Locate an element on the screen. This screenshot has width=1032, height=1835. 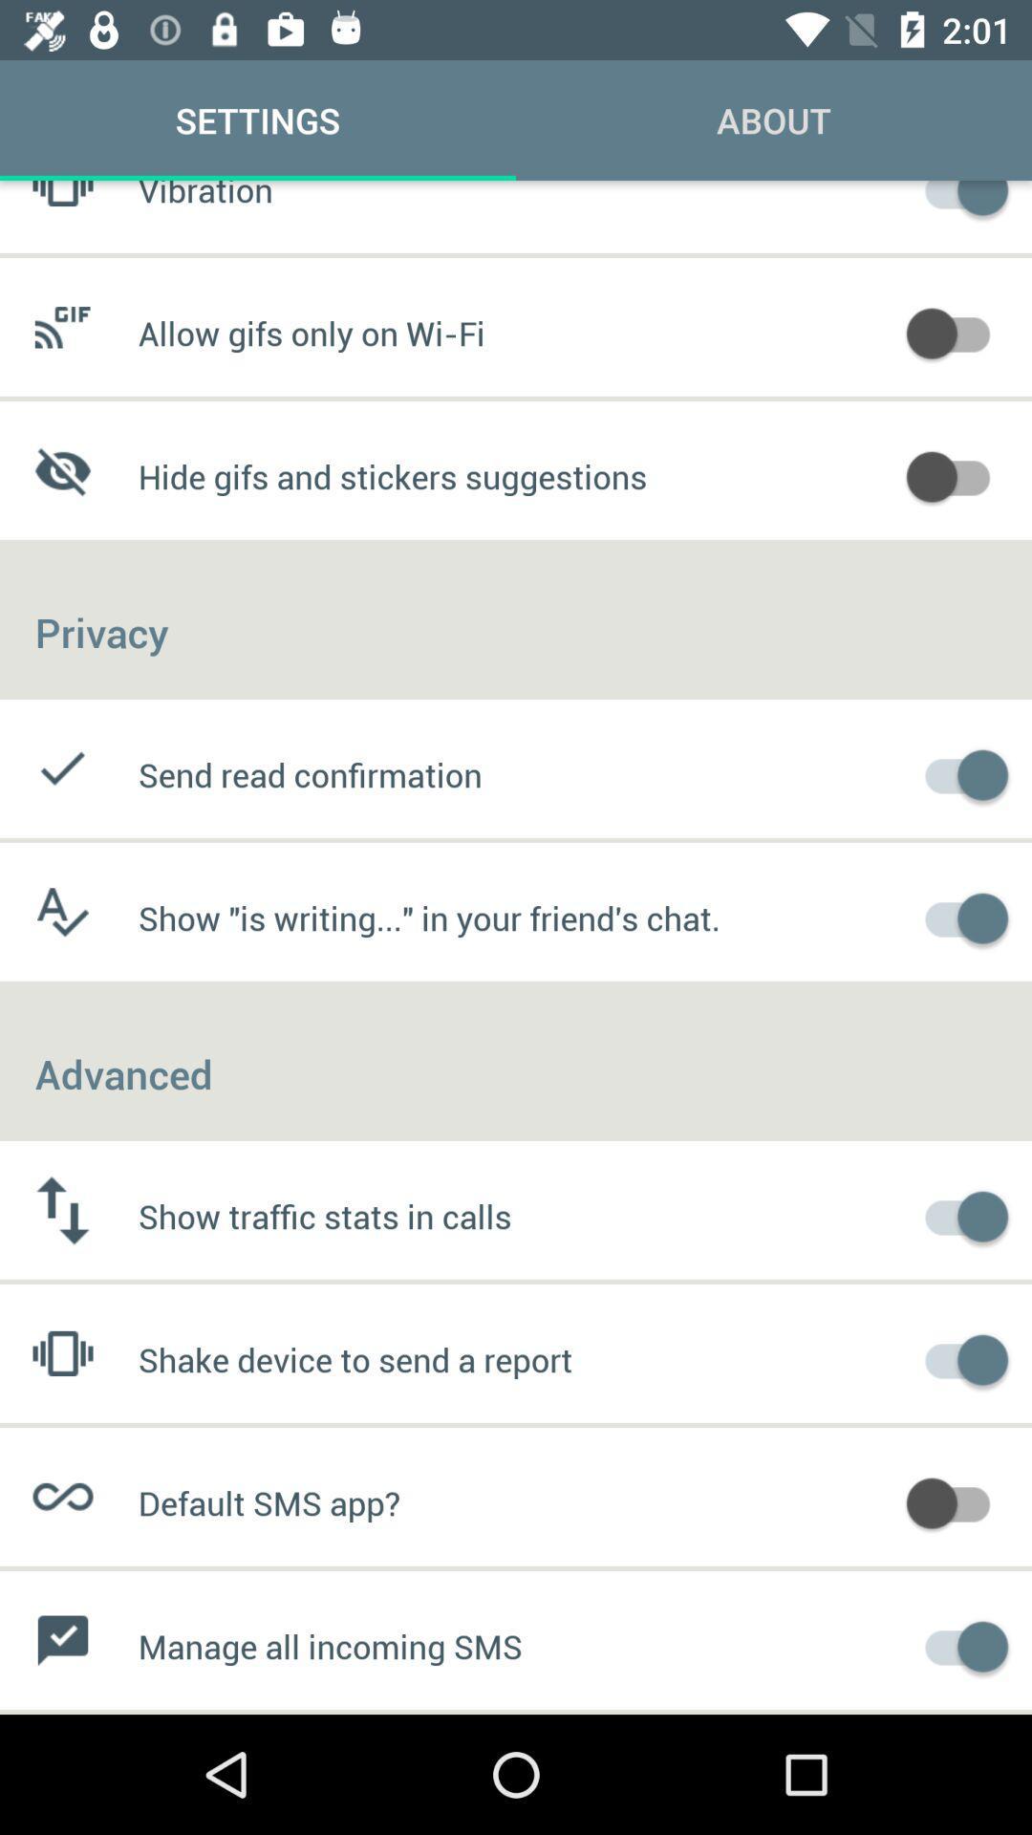
turn off vibration is located at coordinates (957, 201).